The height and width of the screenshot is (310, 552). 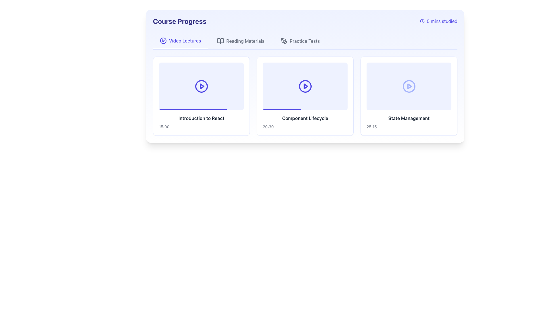 What do you see at coordinates (305, 41) in the screenshot?
I see `the 'Video Lectures' tab in the navigation bar` at bounding box center [305, 41].